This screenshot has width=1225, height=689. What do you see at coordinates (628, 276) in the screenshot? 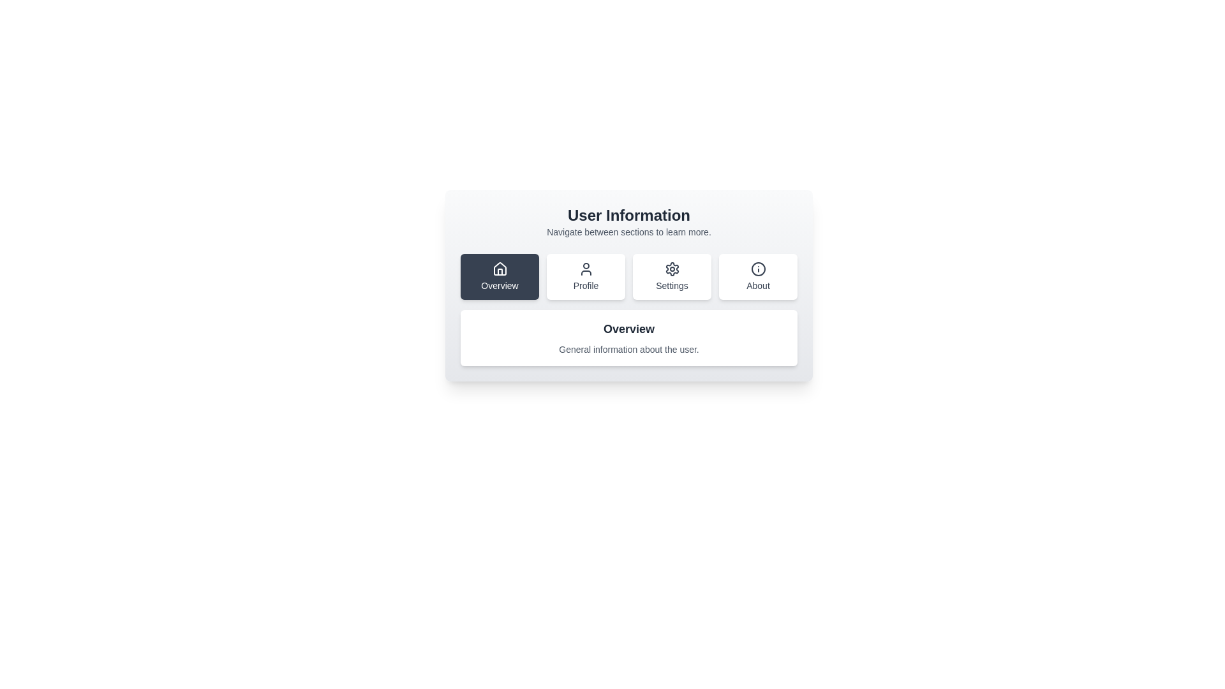
I see `the button in the navigation bar to switch to the corresponding section of the User Information interface` at bounding box center [628, 276].